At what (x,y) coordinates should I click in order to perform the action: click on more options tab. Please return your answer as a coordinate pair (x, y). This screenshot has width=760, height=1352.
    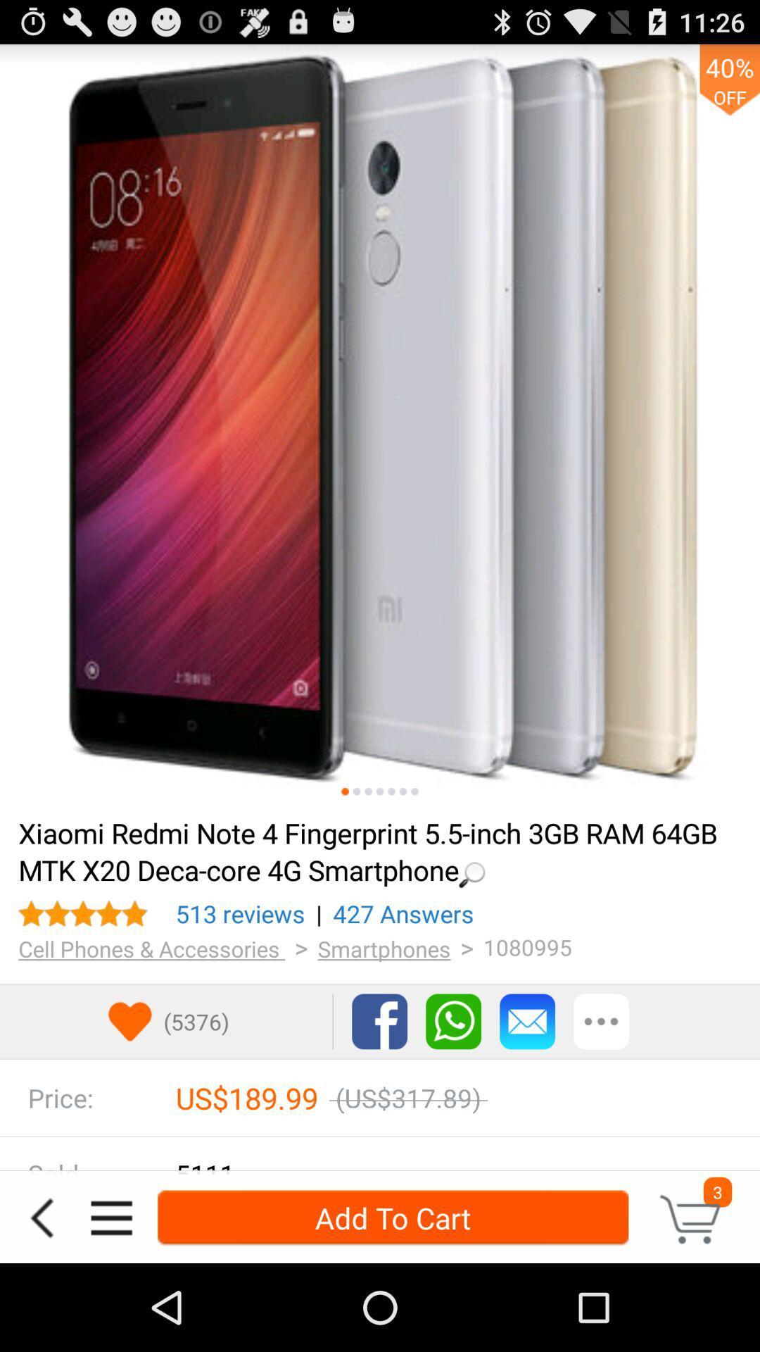
    Looking at the image, I should click on (601, 1021).